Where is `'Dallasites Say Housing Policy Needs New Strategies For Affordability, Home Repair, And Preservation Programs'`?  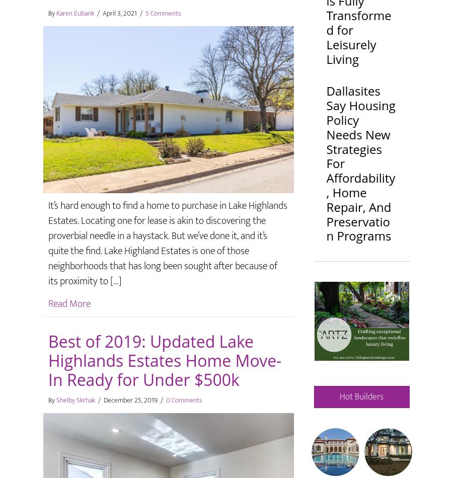 'Dallasites Say Housing Policy Needs New Strategies For Affordability, Home Repair, And Preservation Programs' is located at coordinates (360, 163).